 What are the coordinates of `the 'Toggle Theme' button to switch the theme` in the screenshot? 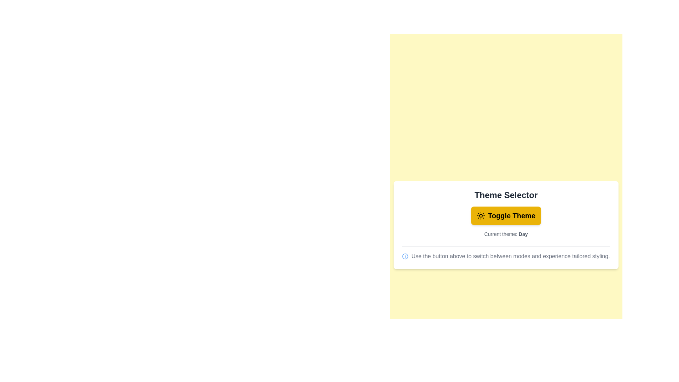 It's located at (505, 215).